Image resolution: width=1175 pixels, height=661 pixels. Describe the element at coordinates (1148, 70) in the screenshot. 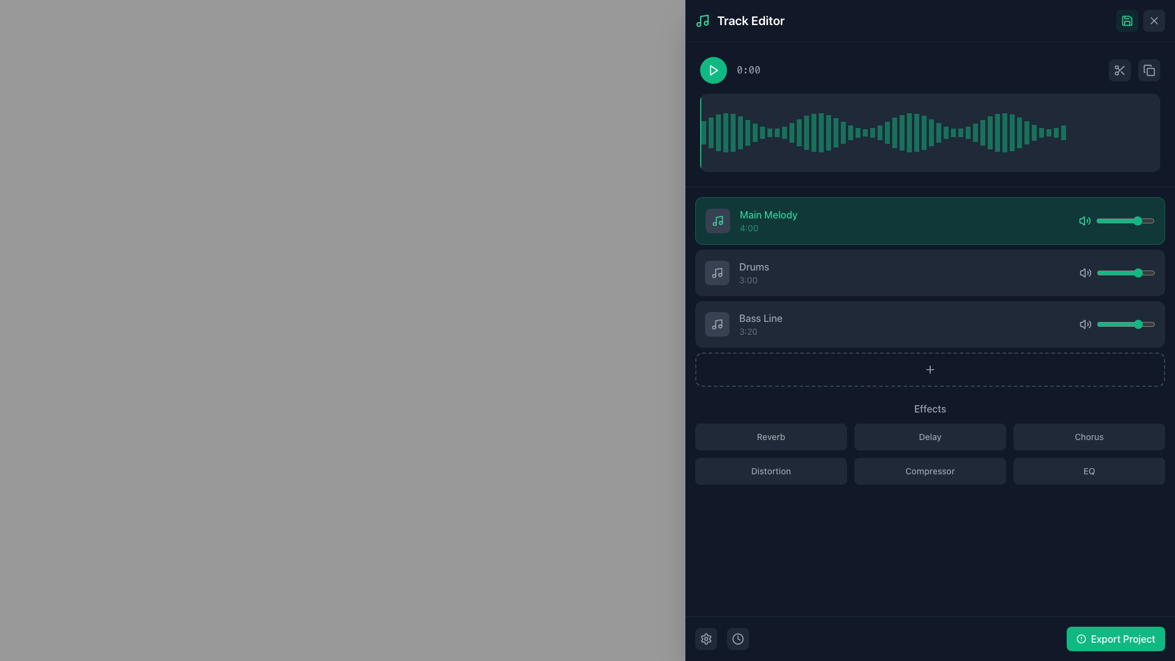

I see `the copy icon button, which is a small icon depicting two overlapping squares located in the upper-right corner of the interface` at that location.